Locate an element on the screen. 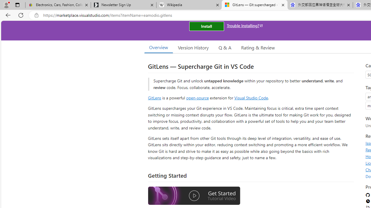  'Rating & Review' is located at coordinates (258, 47).